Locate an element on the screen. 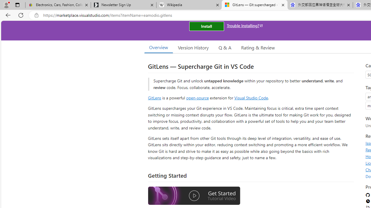  'Rating & Review' is located at coordinates (258, 47).